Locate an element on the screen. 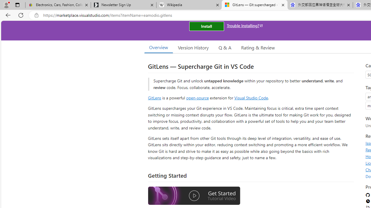  'Rating & Review' is located at coordinates (258, 47).